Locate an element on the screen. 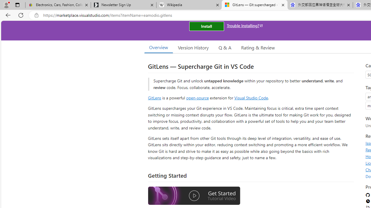  'Rating & Review' is located at coordinates (258, 47).